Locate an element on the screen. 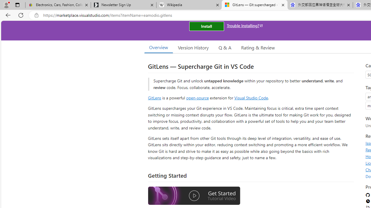  'Rating & Review' is located at coordinates (258, 47).